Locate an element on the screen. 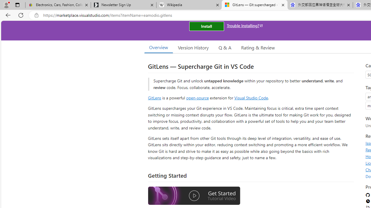  'Rating & Review' is located at coordinates (258, 47).